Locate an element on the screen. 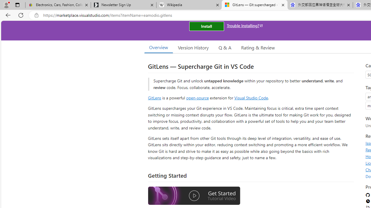  'Rating & Review' is located at coordinates (258, 47).